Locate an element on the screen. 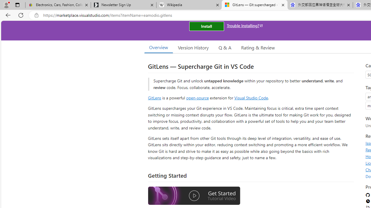  'Rating & Review' is located at coordinates (258, 47).